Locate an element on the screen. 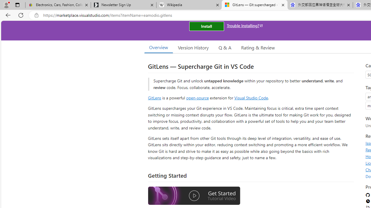  'Rating & Review' is located at coordinates (258, 47).